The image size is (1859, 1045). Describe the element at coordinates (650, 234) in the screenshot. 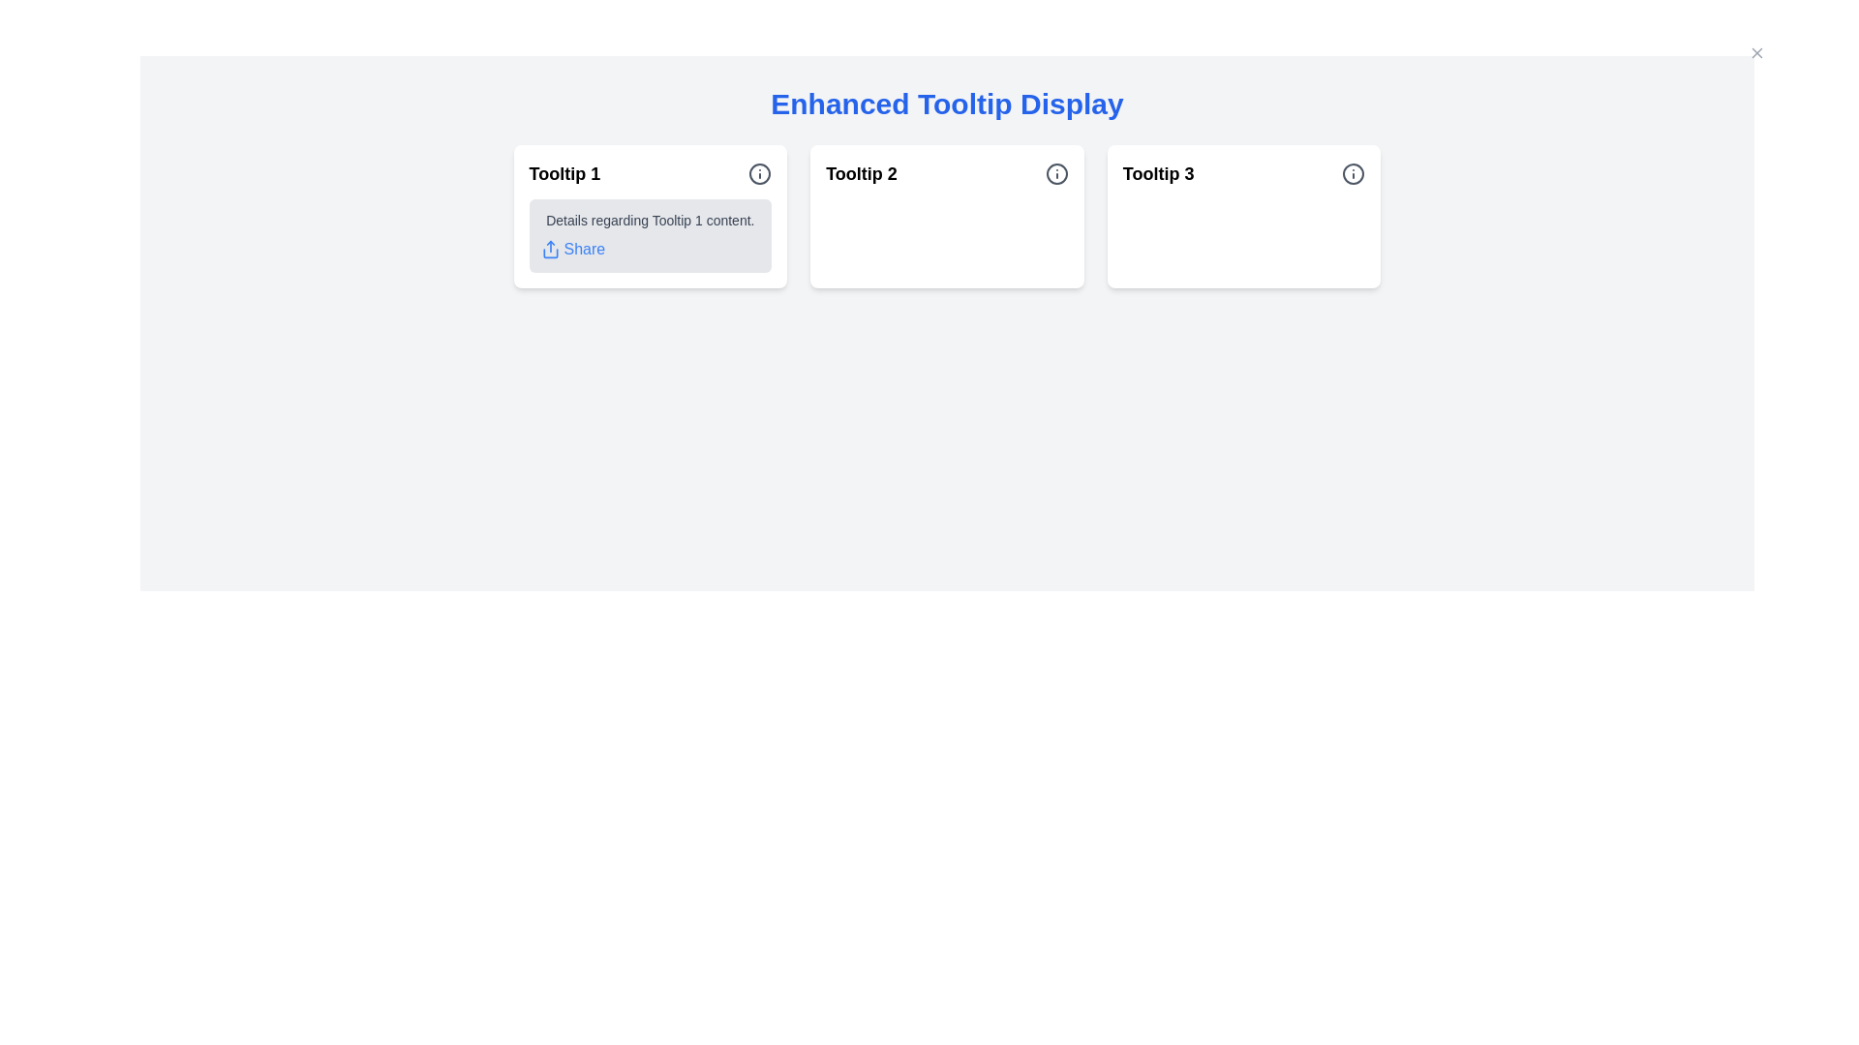

I see `the interactive link text within the content box of 'Tooltip 1' to trigger the tooltip or hover effect` at that location.